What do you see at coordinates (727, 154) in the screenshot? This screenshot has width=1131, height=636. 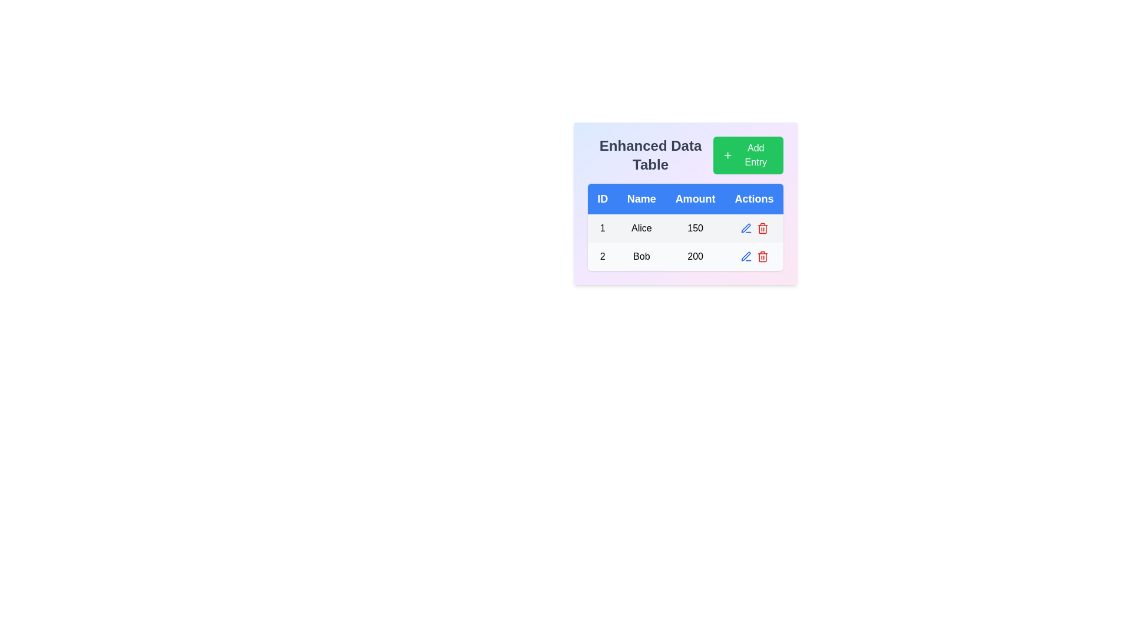 I see `the '+' icon within the 'Add Entry' button, which has a green background and rounded corners, located at the top right of the interface` at bounding box center [727, 154].